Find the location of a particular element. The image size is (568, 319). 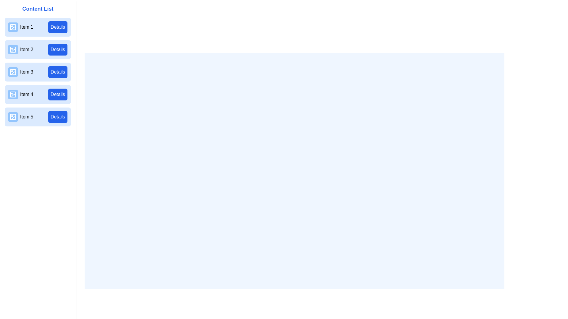

the text label displaying 'Item 4', which is aligned to the right of a small icon and to the left of the 'Details' button is located at coordinates (21, 94).